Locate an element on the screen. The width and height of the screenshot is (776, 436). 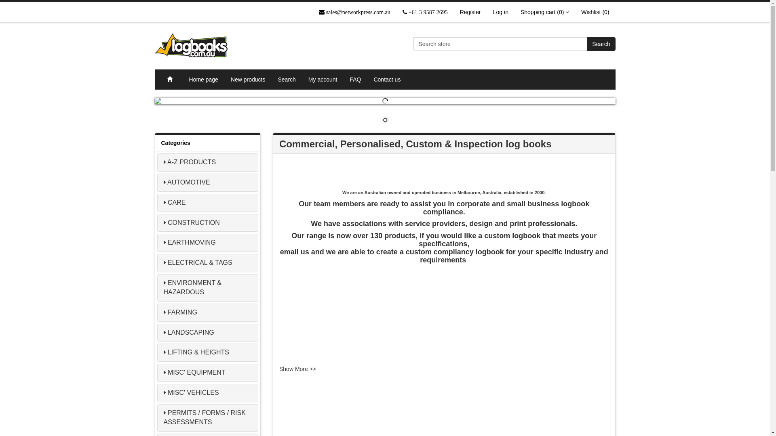
'1' is located at coordinates (380, 121).